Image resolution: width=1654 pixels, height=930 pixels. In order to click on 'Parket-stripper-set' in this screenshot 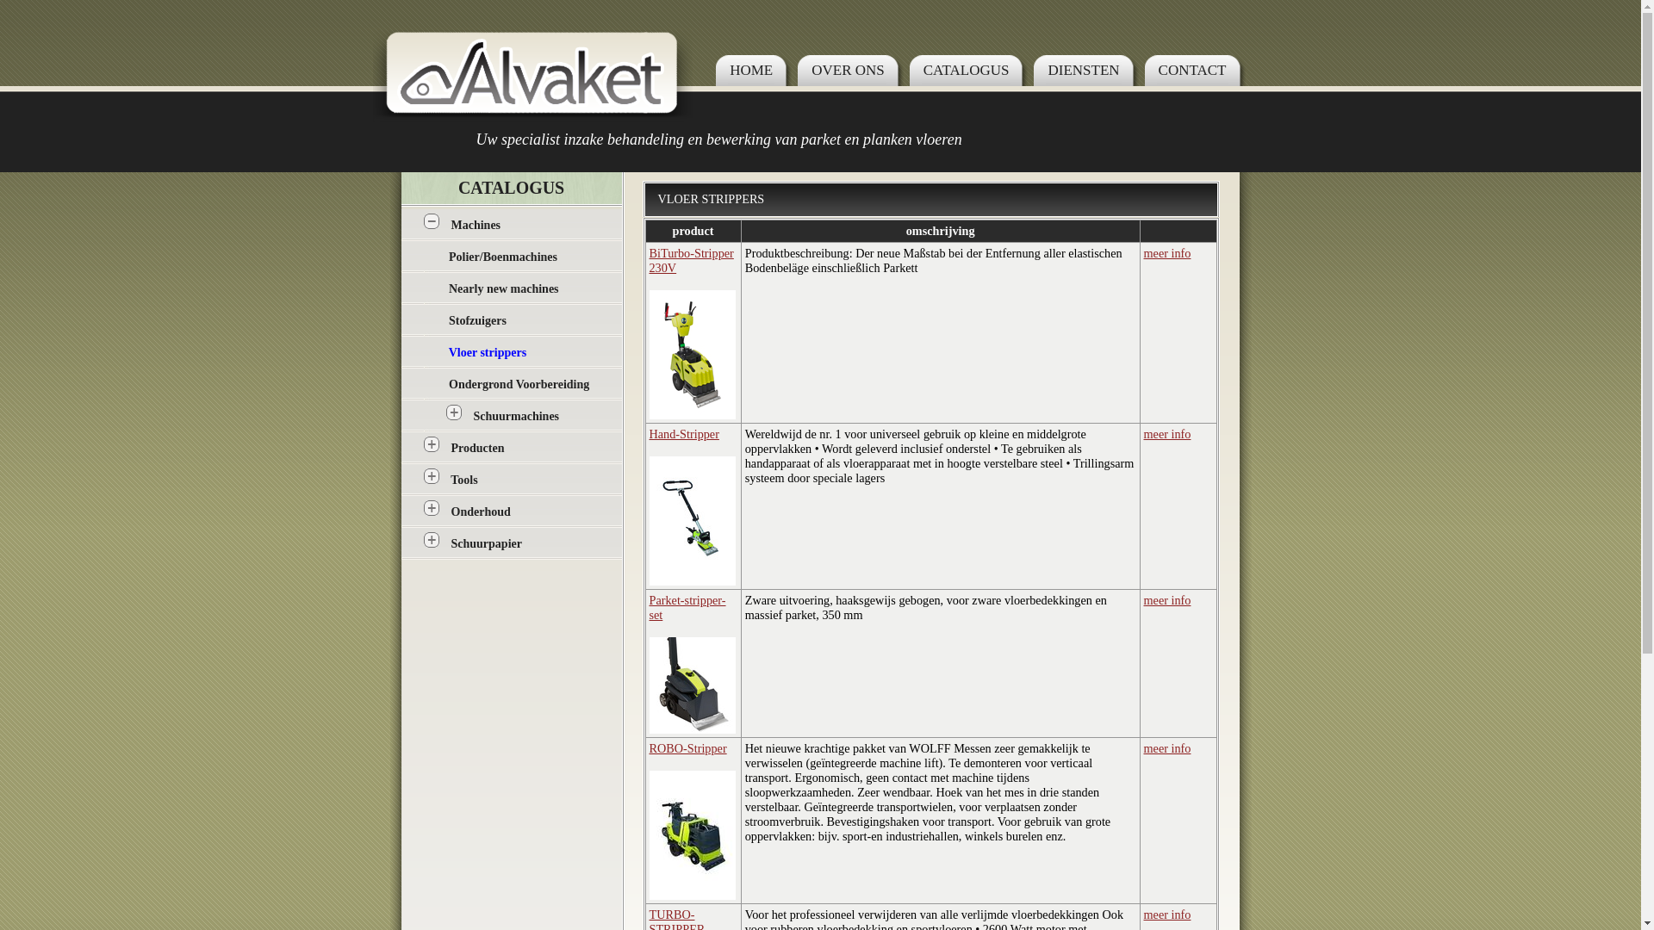, I will do `click(687, 606)`.